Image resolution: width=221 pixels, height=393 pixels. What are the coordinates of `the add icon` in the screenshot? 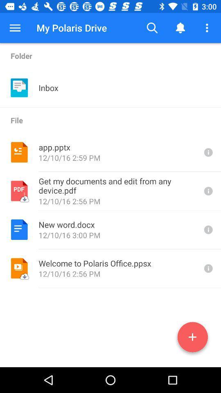 It's located at (192, 339).